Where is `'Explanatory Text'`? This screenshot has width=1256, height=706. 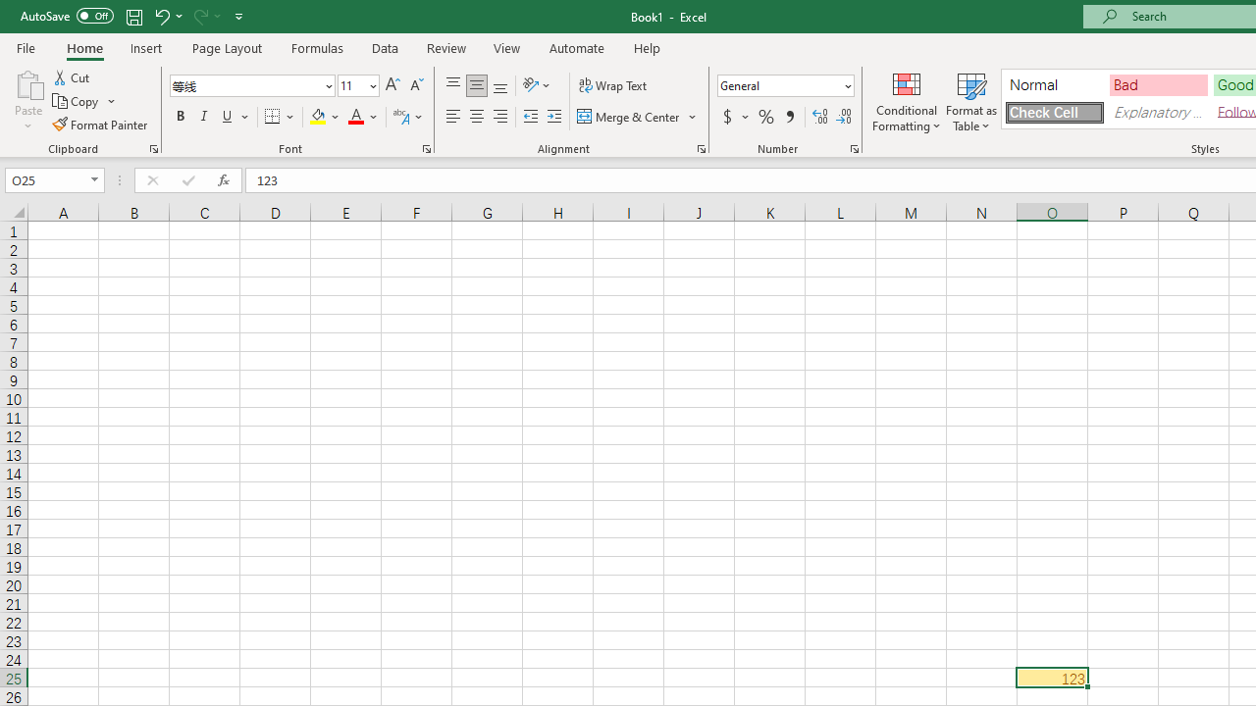
'Explanatory Text' is located at coordinates (1158, 112).